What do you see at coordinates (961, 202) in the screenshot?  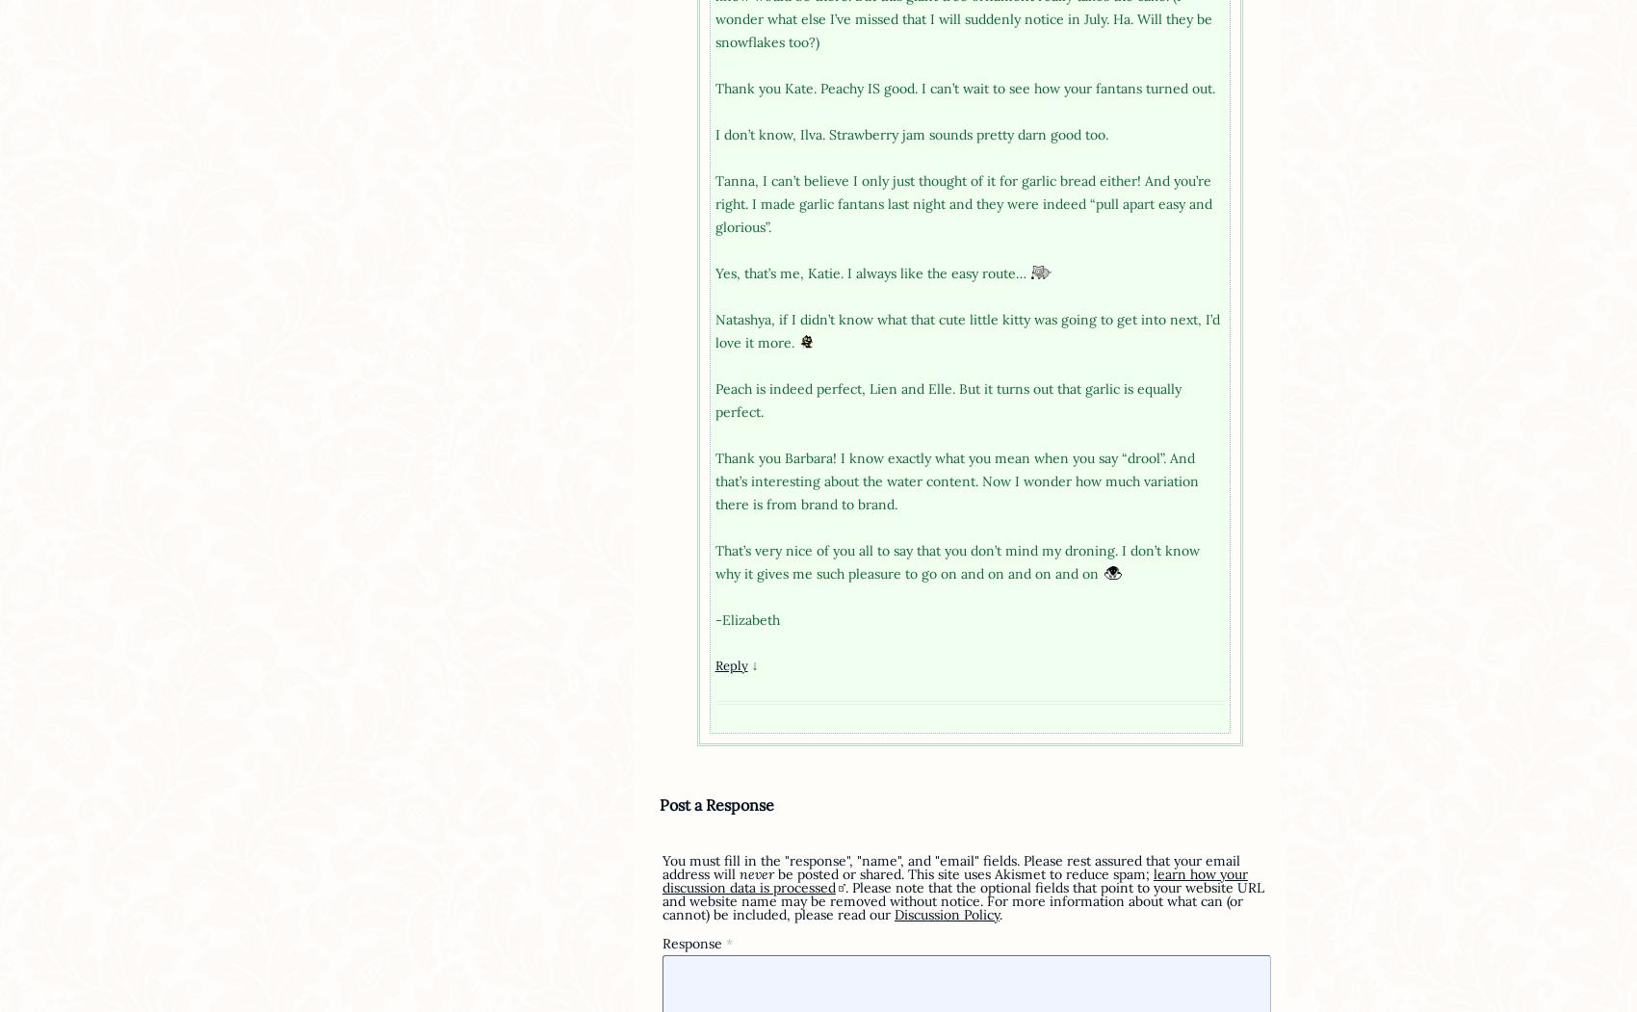 I see `'Tanna, I can’t believe I only just thought of it for garlic bread either! And you’re right. I made garlic fantans last night and they were indeed “pull apart easy and glorious”.'` at bounding box center [961, 202].